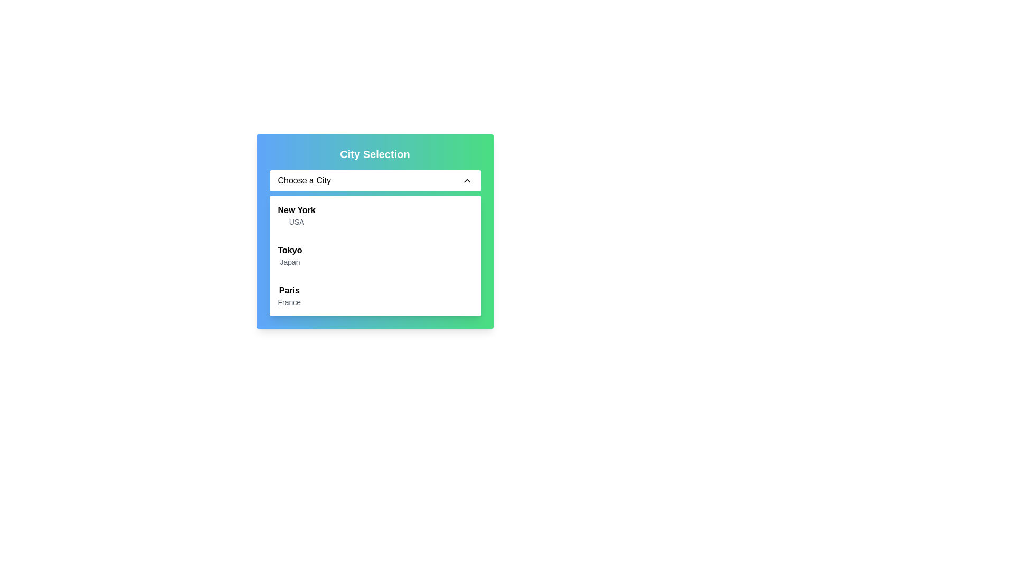 This screenshot has height=571, width=1015. Describe the element at coordinates (290, 255) in the screenshot. I see `to select the city 'Tokyo' from the dropdown list under 'Choose a City'` at that location.